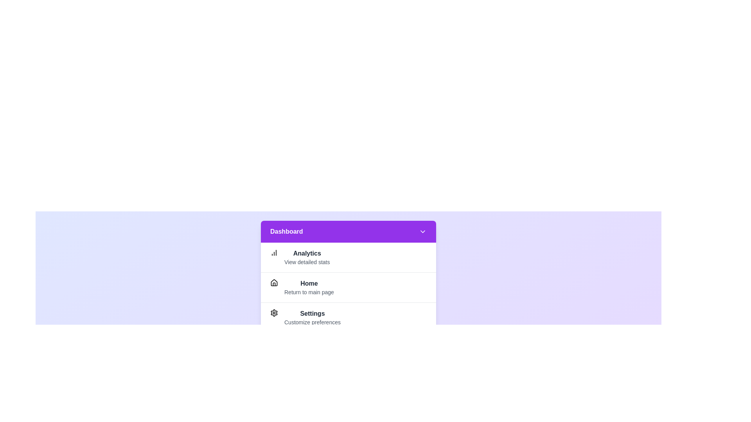 This screenshot has height=422, width=751. I want to click on the 'Settings' menu item in the dashboard menu, so click(312, 318).